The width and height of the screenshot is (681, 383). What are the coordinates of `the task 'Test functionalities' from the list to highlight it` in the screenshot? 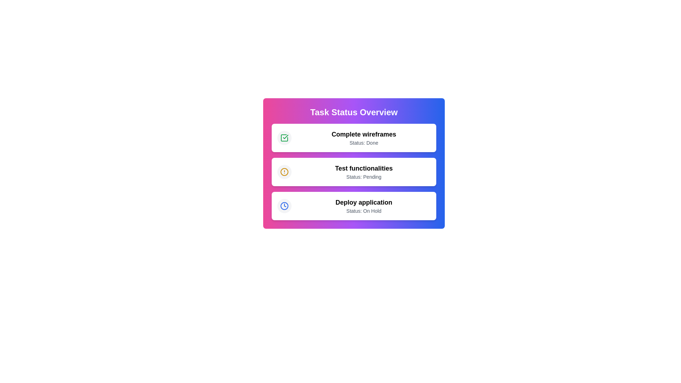 It's located at (354, 172).